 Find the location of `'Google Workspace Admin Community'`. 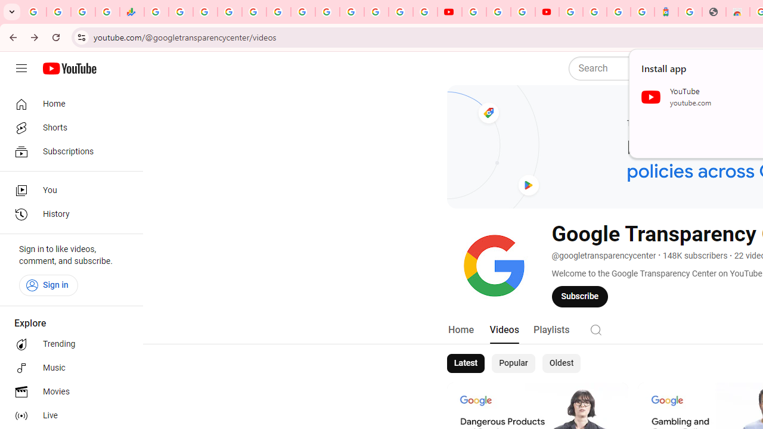

'Google Workspace Admin Community' is located at coordinates (34, 12).